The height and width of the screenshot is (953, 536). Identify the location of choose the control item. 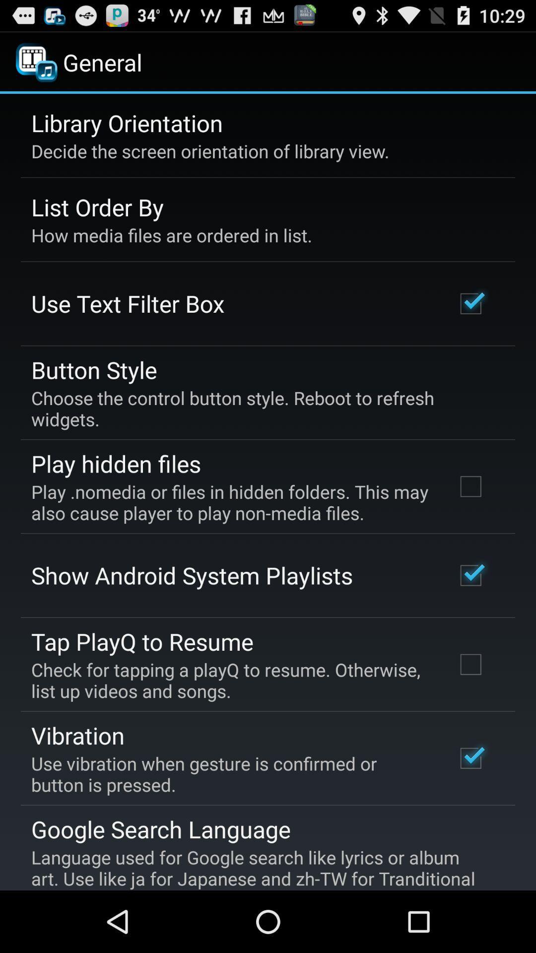
(261, 408).